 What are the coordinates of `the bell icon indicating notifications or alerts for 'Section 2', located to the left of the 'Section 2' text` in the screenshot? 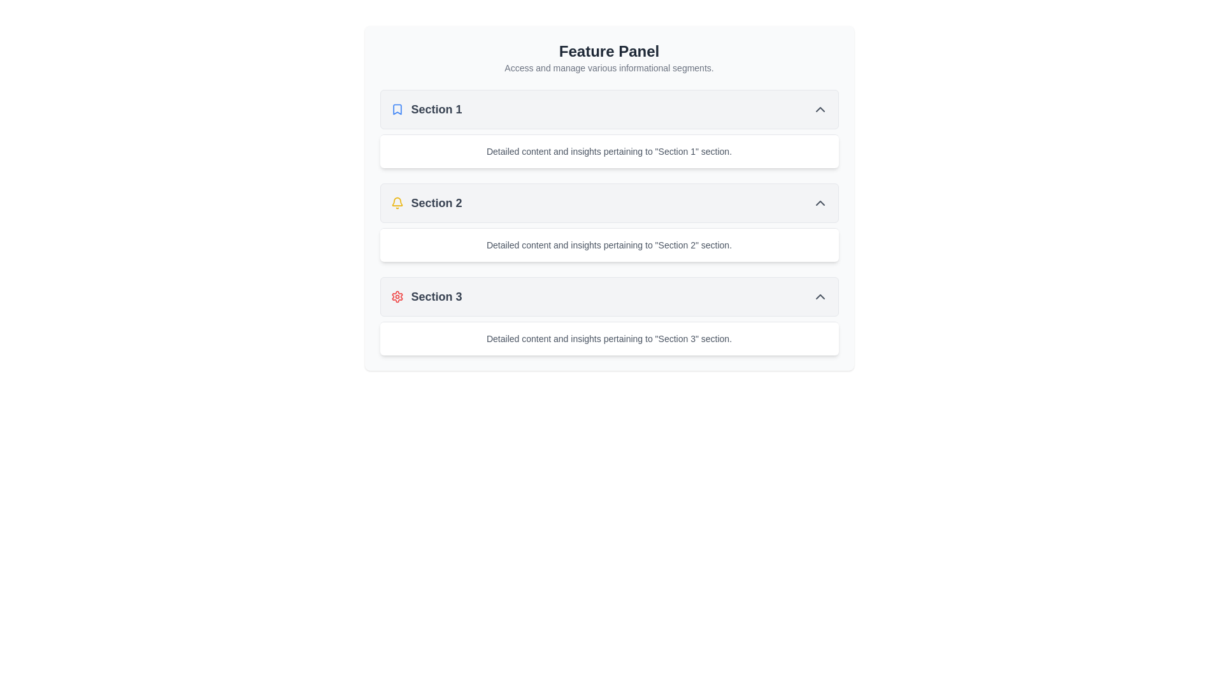 It's located at (396, 203).